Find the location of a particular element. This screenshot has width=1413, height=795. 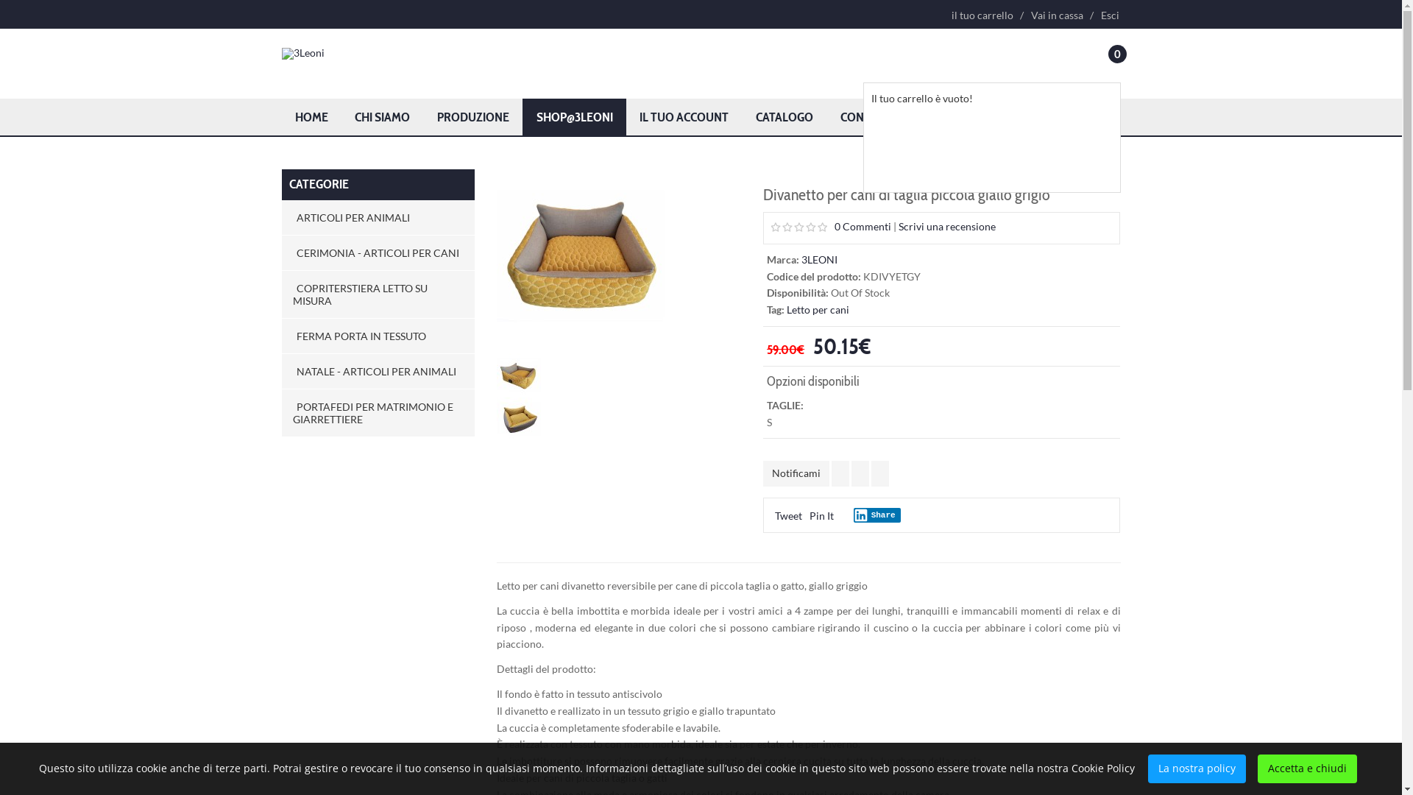

'CERIMONIA - ARTICOLI PER CANI' is located at coordinates (378, 252).